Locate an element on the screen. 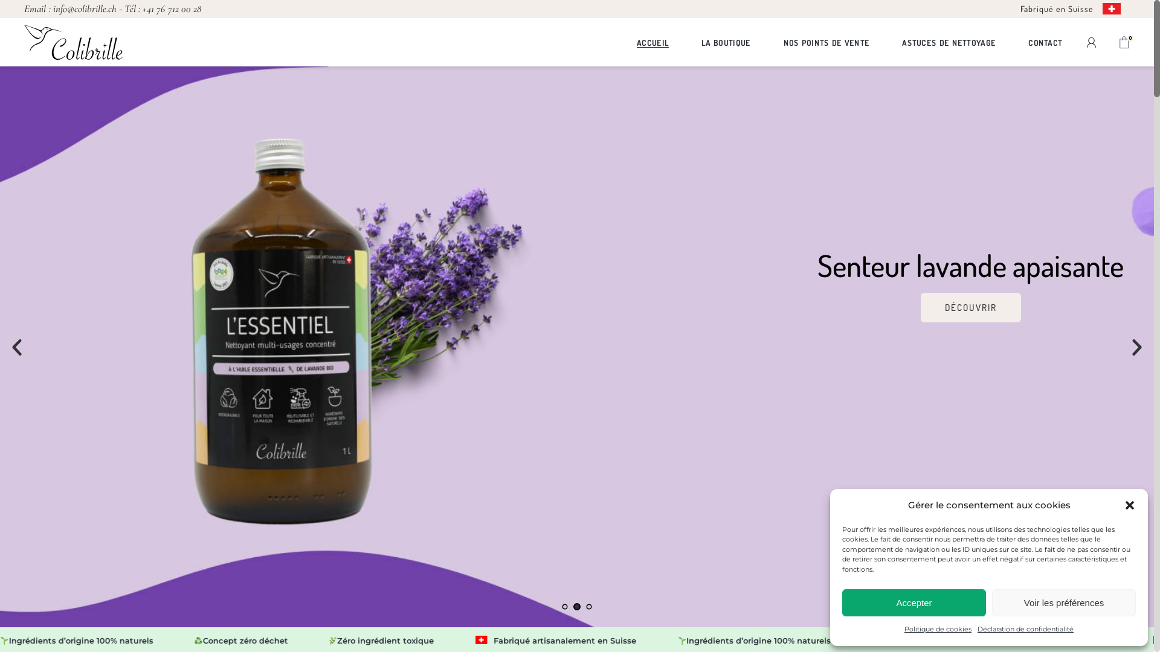  'ASTUCES DE NETTOYAGE' is located at coordinates (948, 41).